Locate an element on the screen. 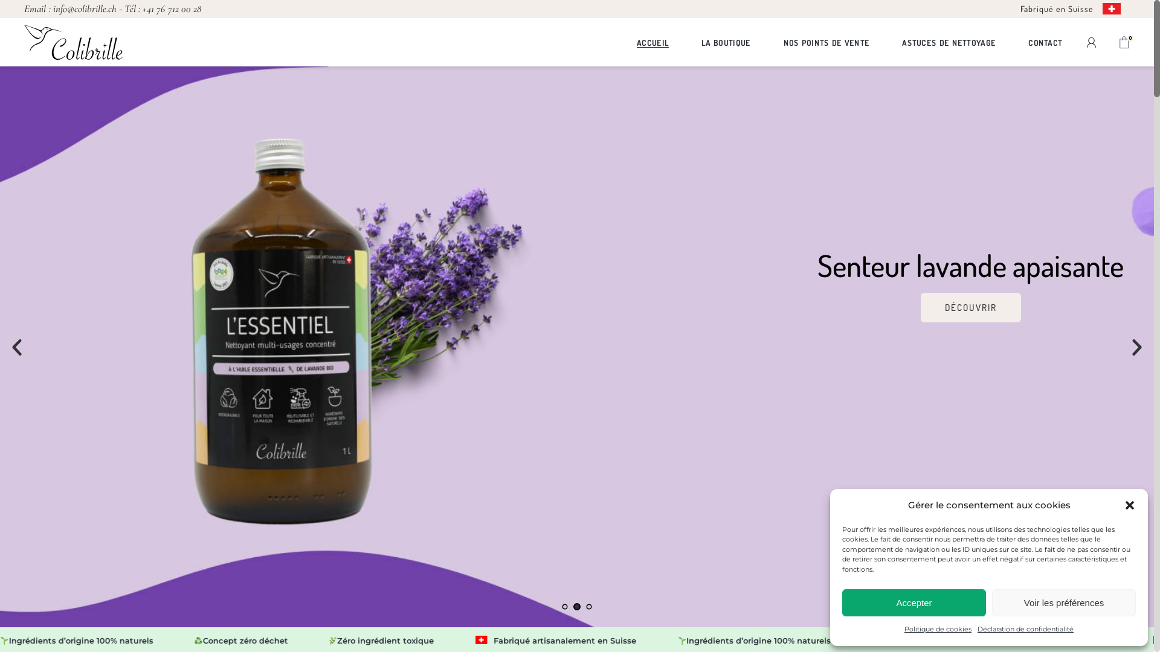  'ASTUCES DE NETTOYAGE' is located at coordinates (948, 41).